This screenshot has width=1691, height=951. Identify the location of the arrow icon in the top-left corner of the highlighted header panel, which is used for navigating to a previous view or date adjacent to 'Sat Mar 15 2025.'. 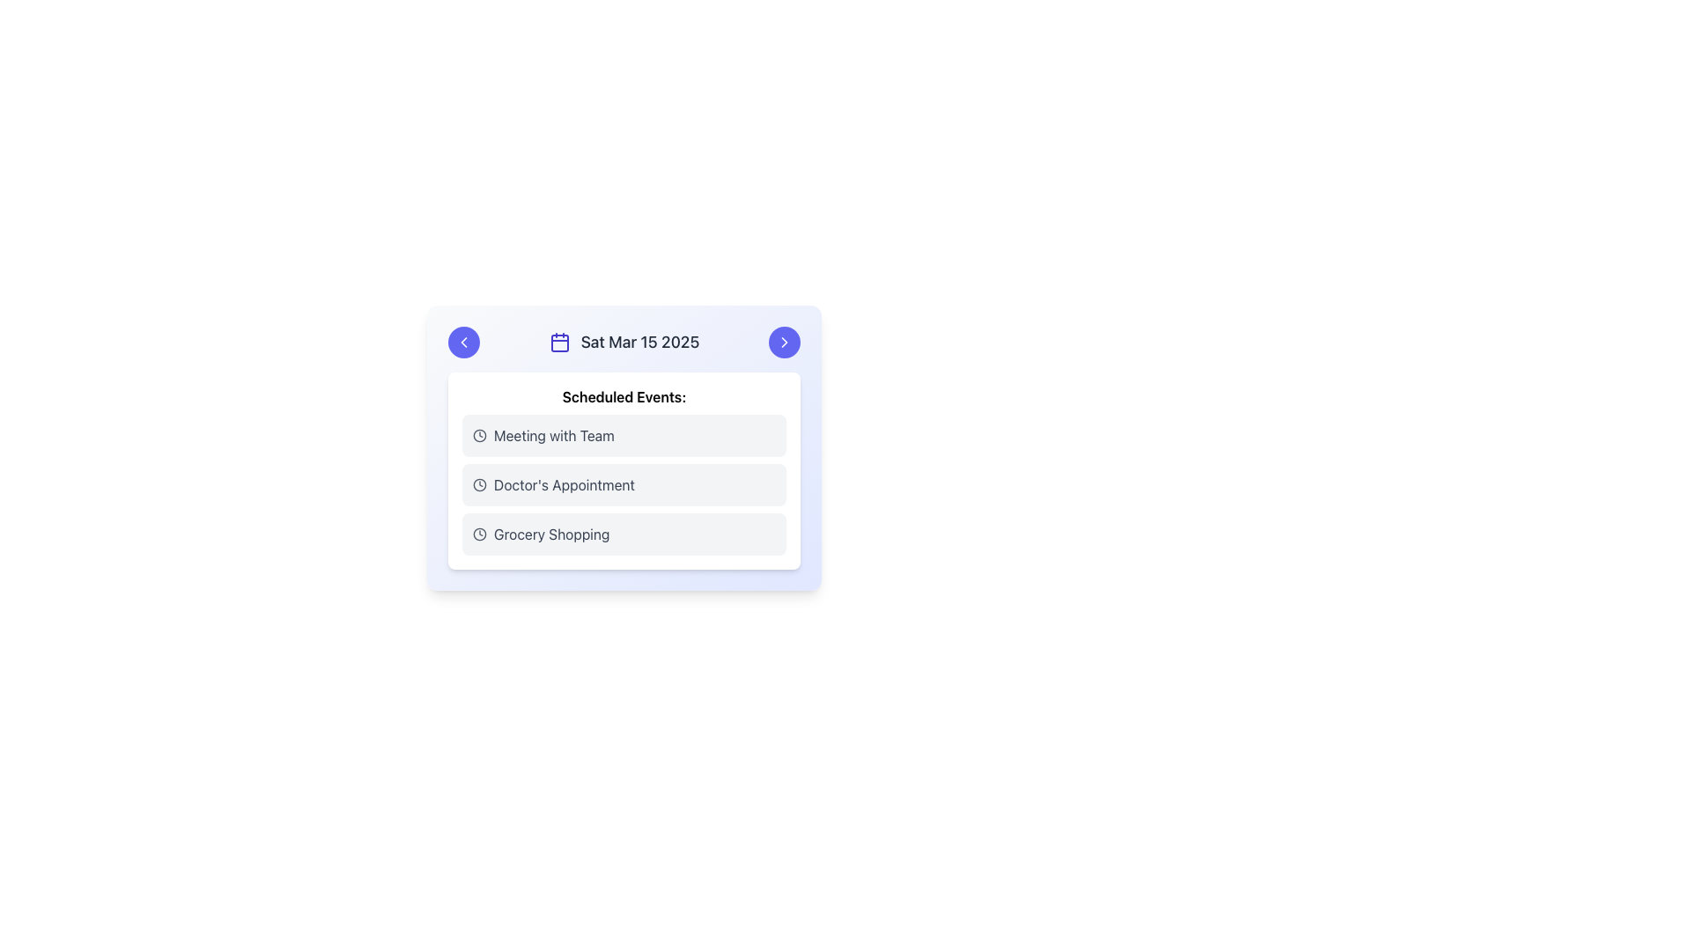
(464, 343).